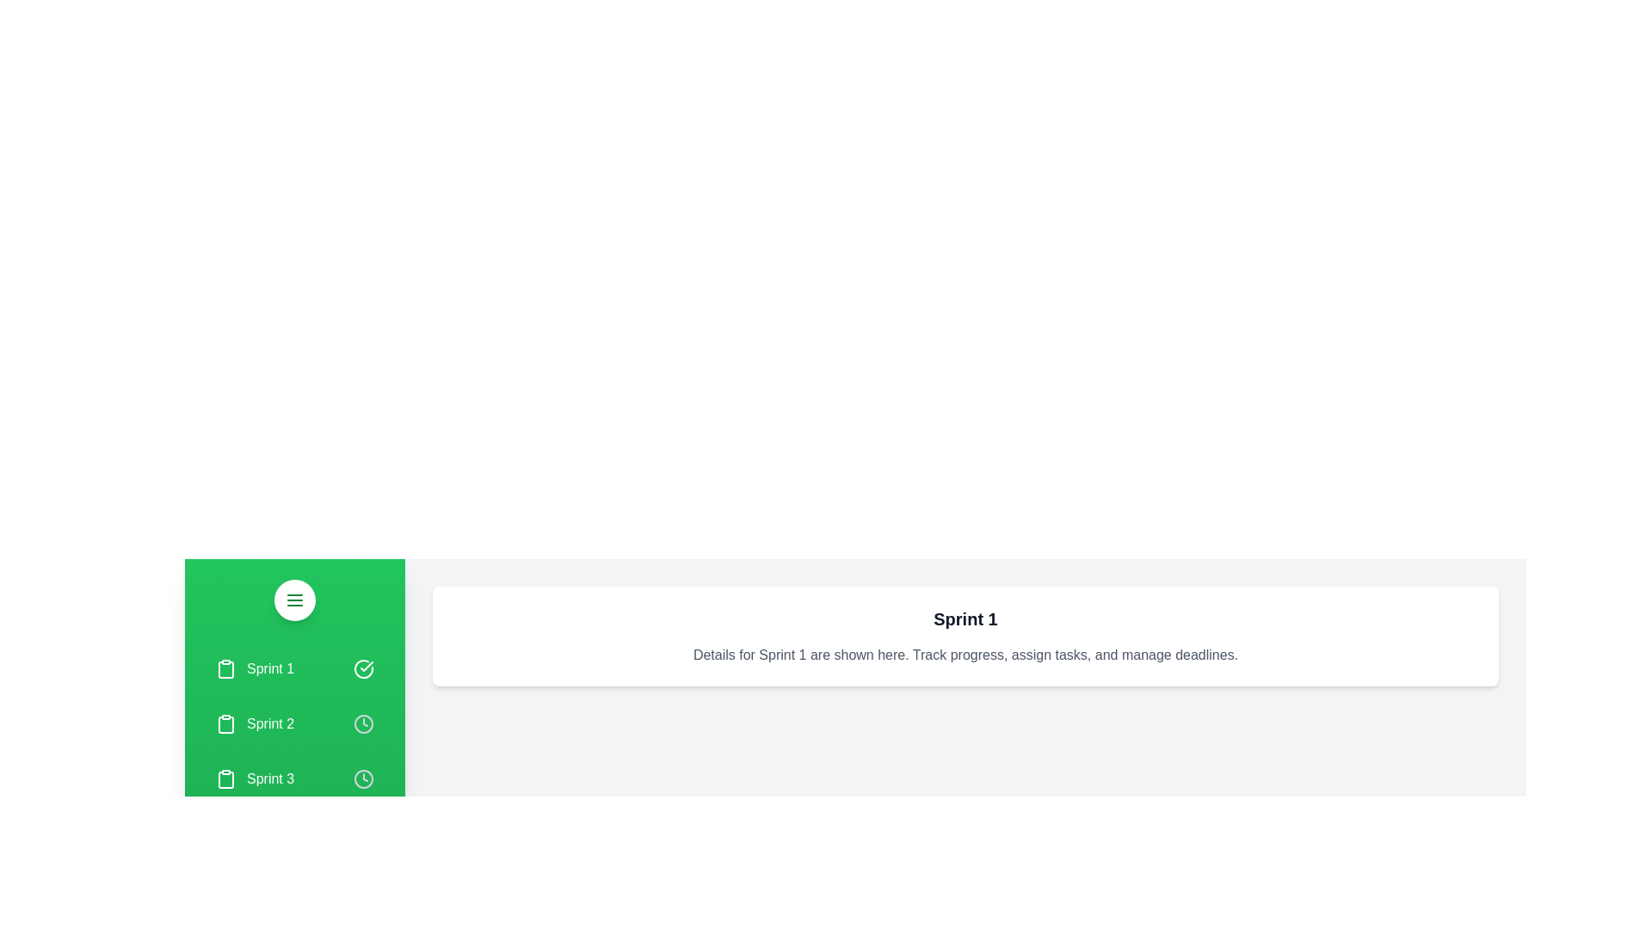 The width and height of the screenshot is (1652, 929). Describe the element at coordinates (294, 779) in the screenshot. I see `the sprint item Sprint 3 to see the highlight effect` at that location.